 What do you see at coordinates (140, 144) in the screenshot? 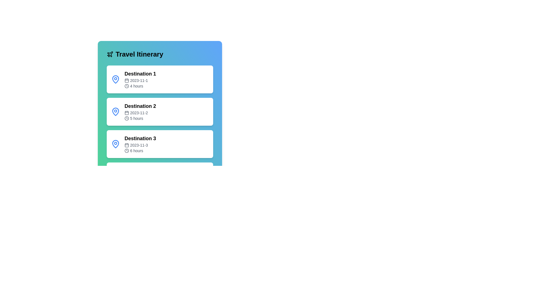
I see `the informative card displaying 'Destination 3' with the date '2023-11-3' and duration '6 hours', which is the third card in a vertically stacked list` at bounding box center [140, 144].